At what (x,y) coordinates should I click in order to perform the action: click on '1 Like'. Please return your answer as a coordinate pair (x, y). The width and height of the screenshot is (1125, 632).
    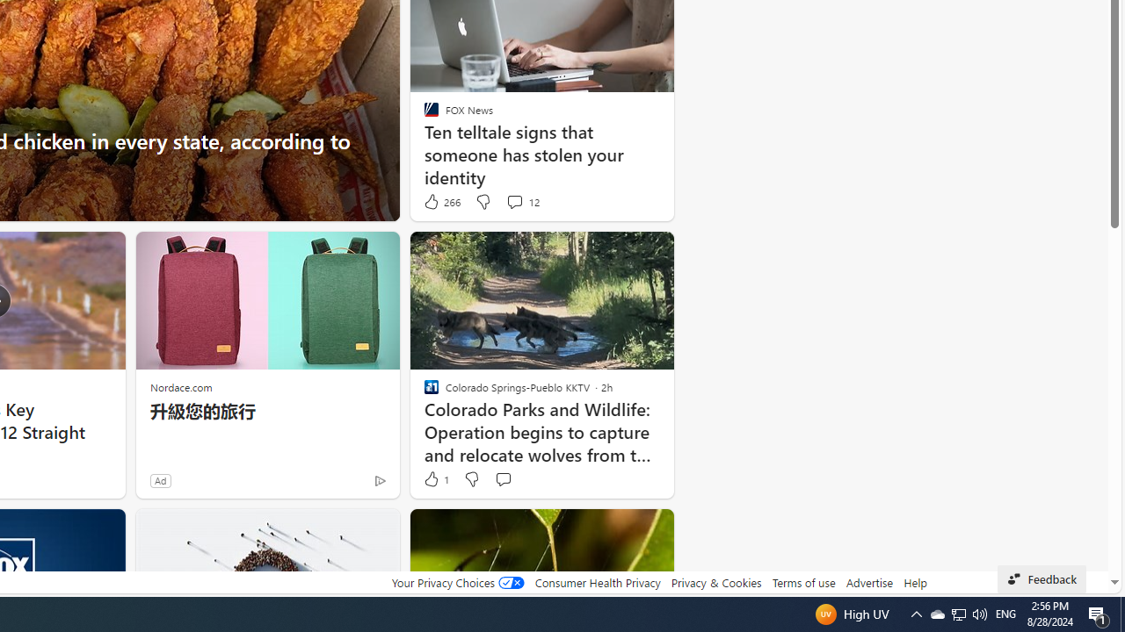
    Looking at the image, I should click on (435, 479).